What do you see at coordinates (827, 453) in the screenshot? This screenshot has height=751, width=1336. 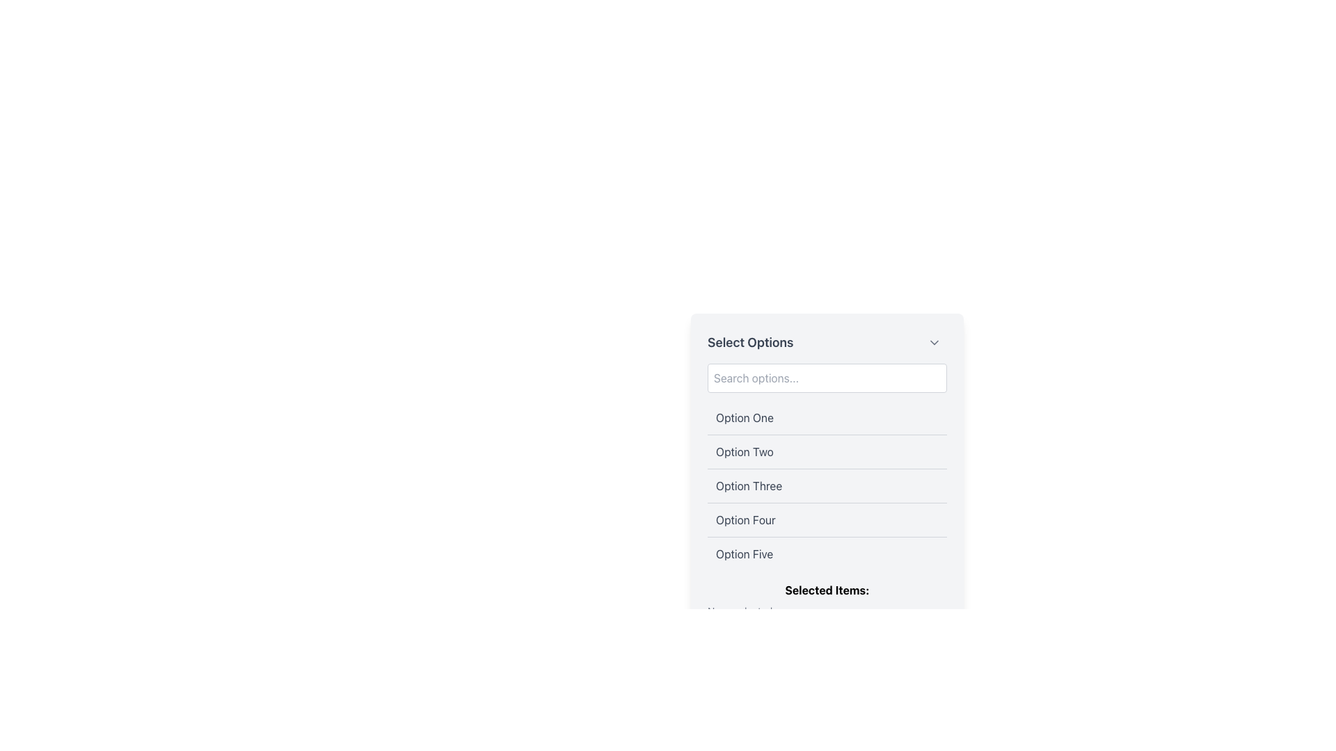 I see `the selectable dropdown menu item labeled 'Option Two'` at bounding box center [827, 453].